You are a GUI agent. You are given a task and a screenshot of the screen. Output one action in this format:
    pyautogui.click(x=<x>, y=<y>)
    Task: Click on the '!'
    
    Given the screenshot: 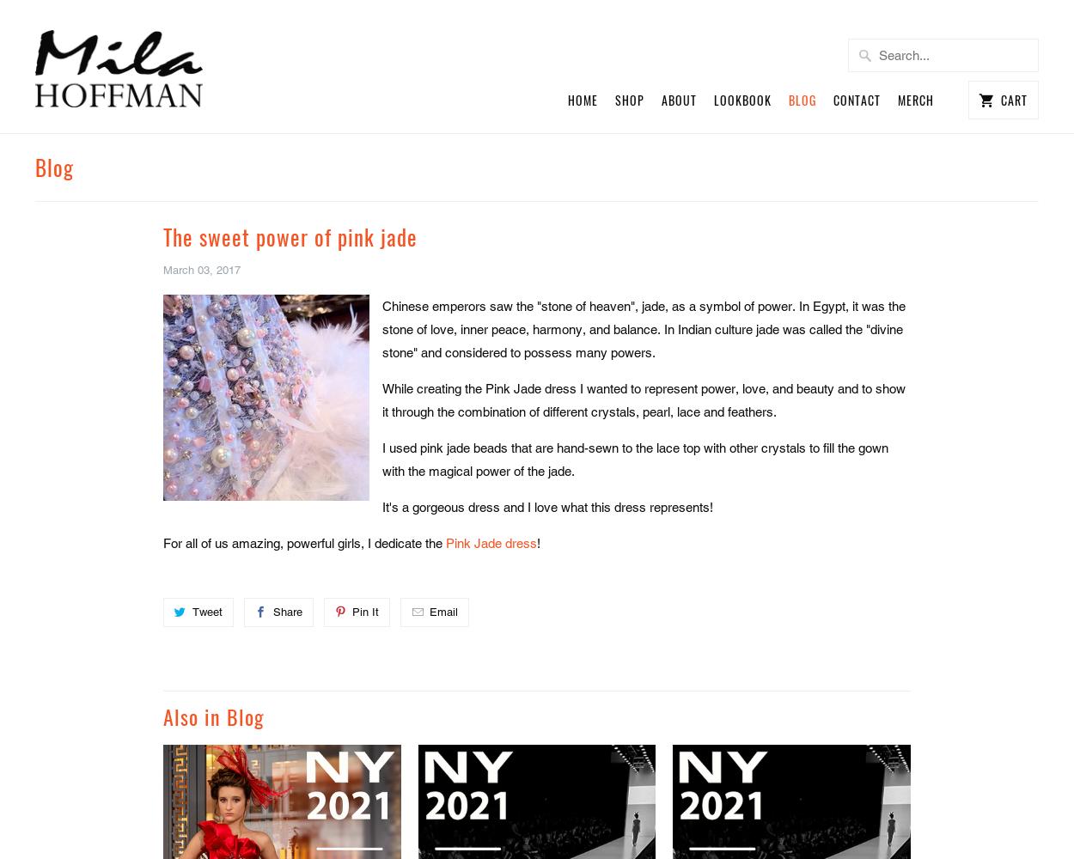 What is the action you would take?
    pyautogui.click(x=538, y=542)
    